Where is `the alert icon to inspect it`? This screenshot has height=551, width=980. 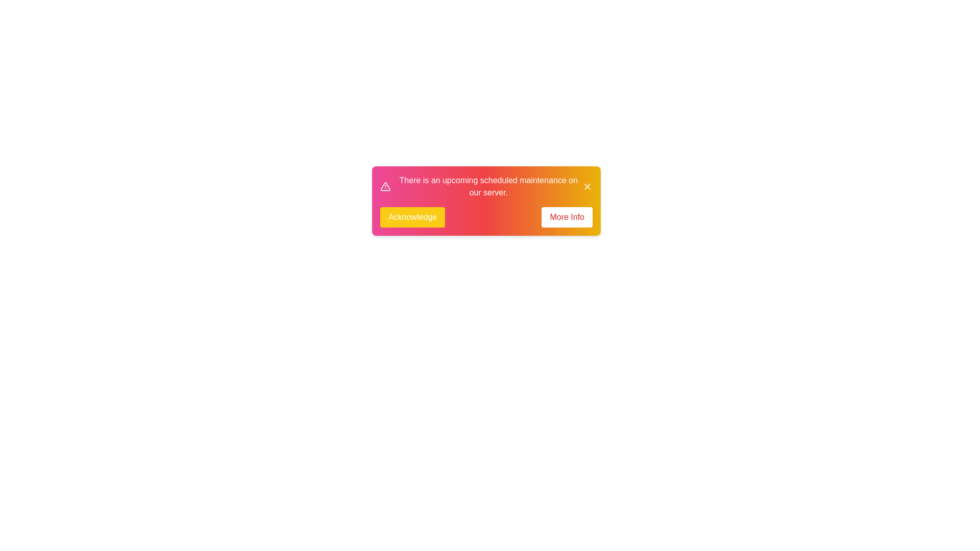
the alert icon to inspect it is located at coordinates (384, 187).